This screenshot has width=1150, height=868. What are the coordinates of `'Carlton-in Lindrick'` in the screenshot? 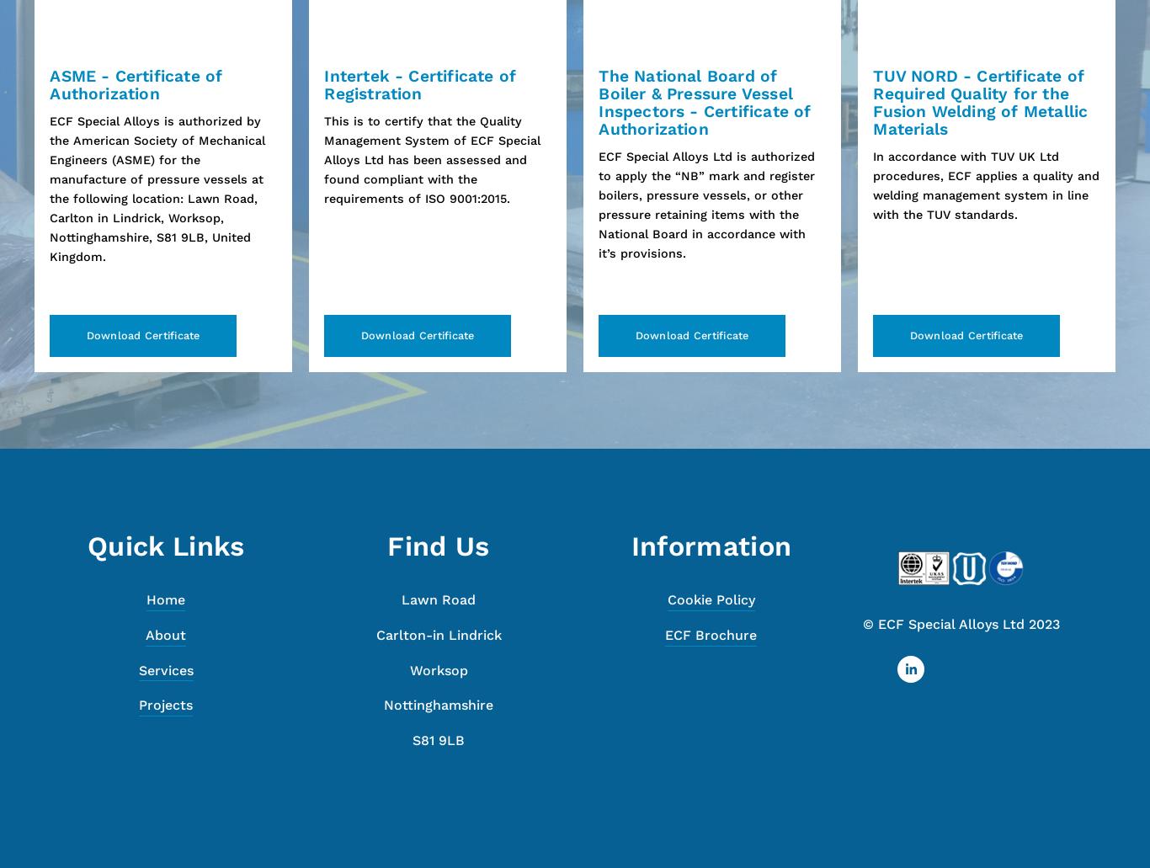 It's located at (438, 634).